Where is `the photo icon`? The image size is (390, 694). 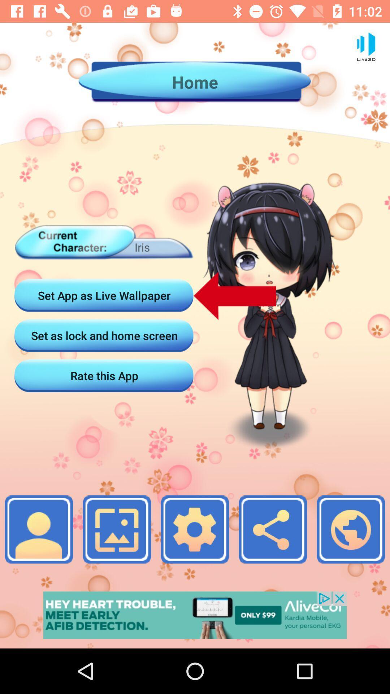 the photo icon is located at coordinates (195, 530).